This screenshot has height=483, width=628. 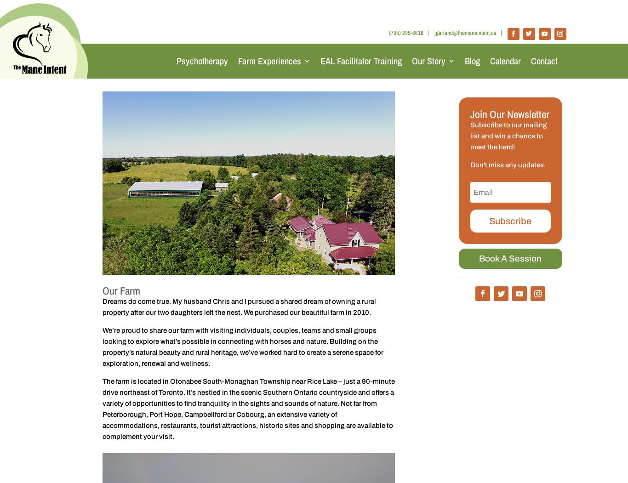 I want to click on 'Farm Experiences', so click(x=268, y=60).